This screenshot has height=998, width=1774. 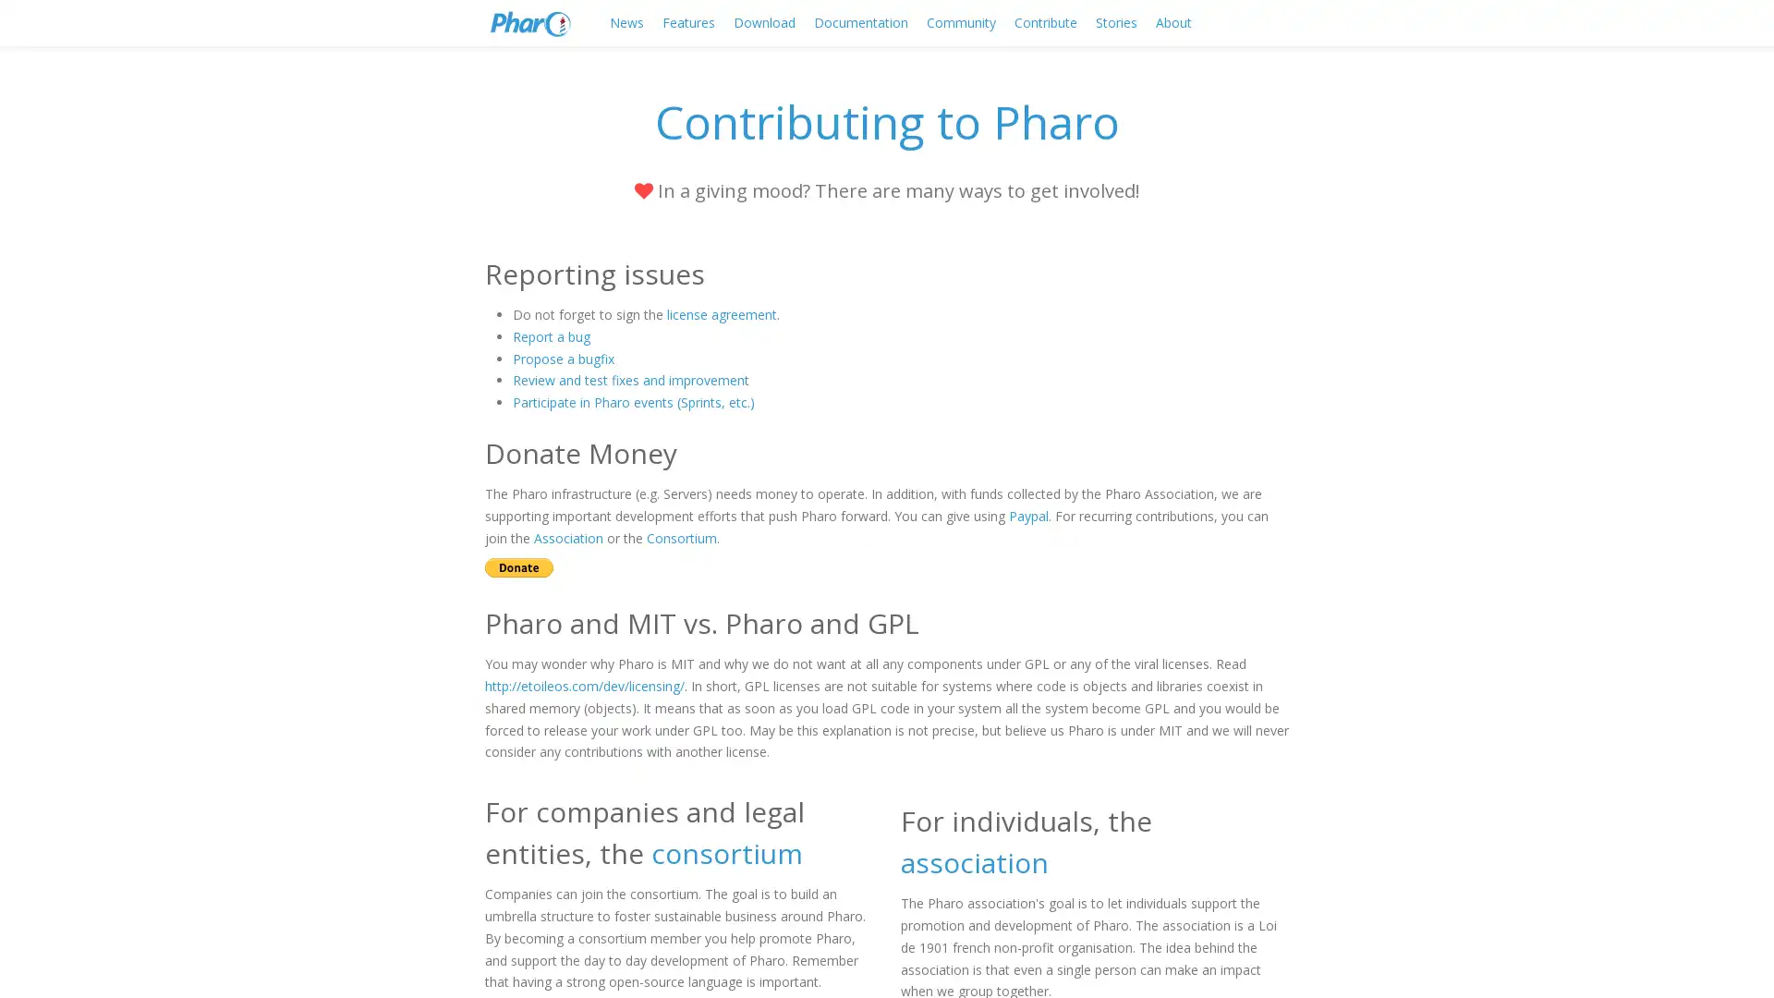 What do you see at coordinates (517, 566) in the screenshot?
I see `PayPal - The safer, easier way to pay online!` at bounding box center [517, 566].